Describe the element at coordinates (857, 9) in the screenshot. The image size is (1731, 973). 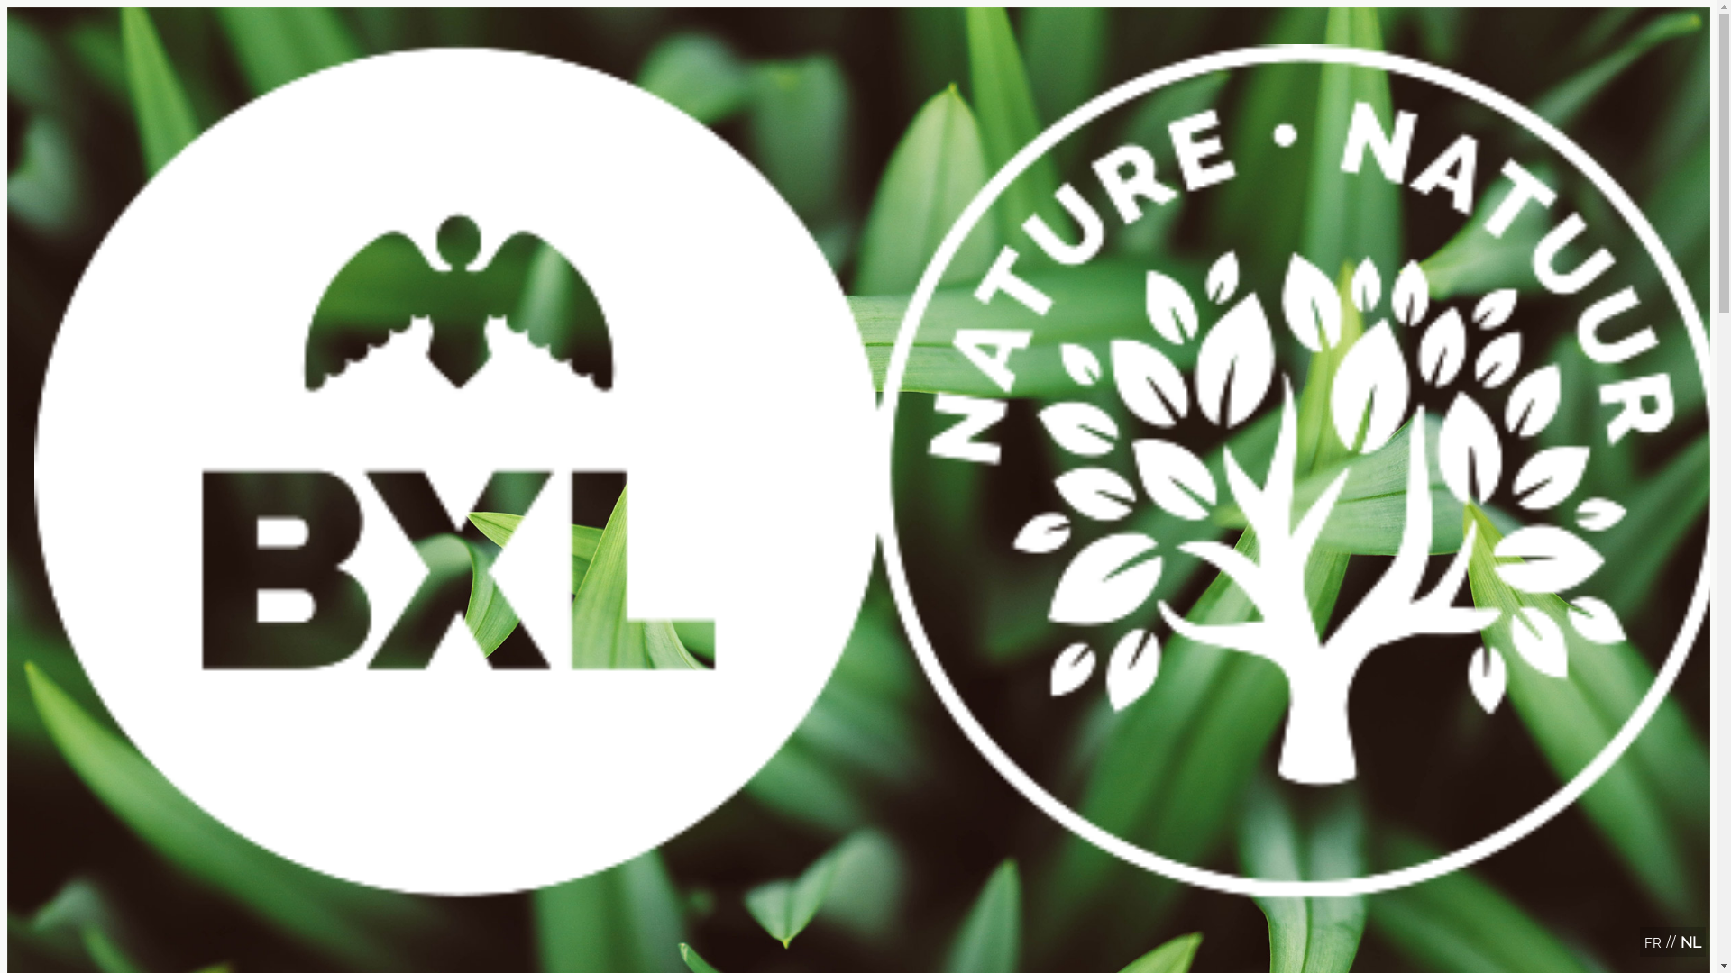
I see `'Overslaan en naar de inhoud gaan'` at that location.